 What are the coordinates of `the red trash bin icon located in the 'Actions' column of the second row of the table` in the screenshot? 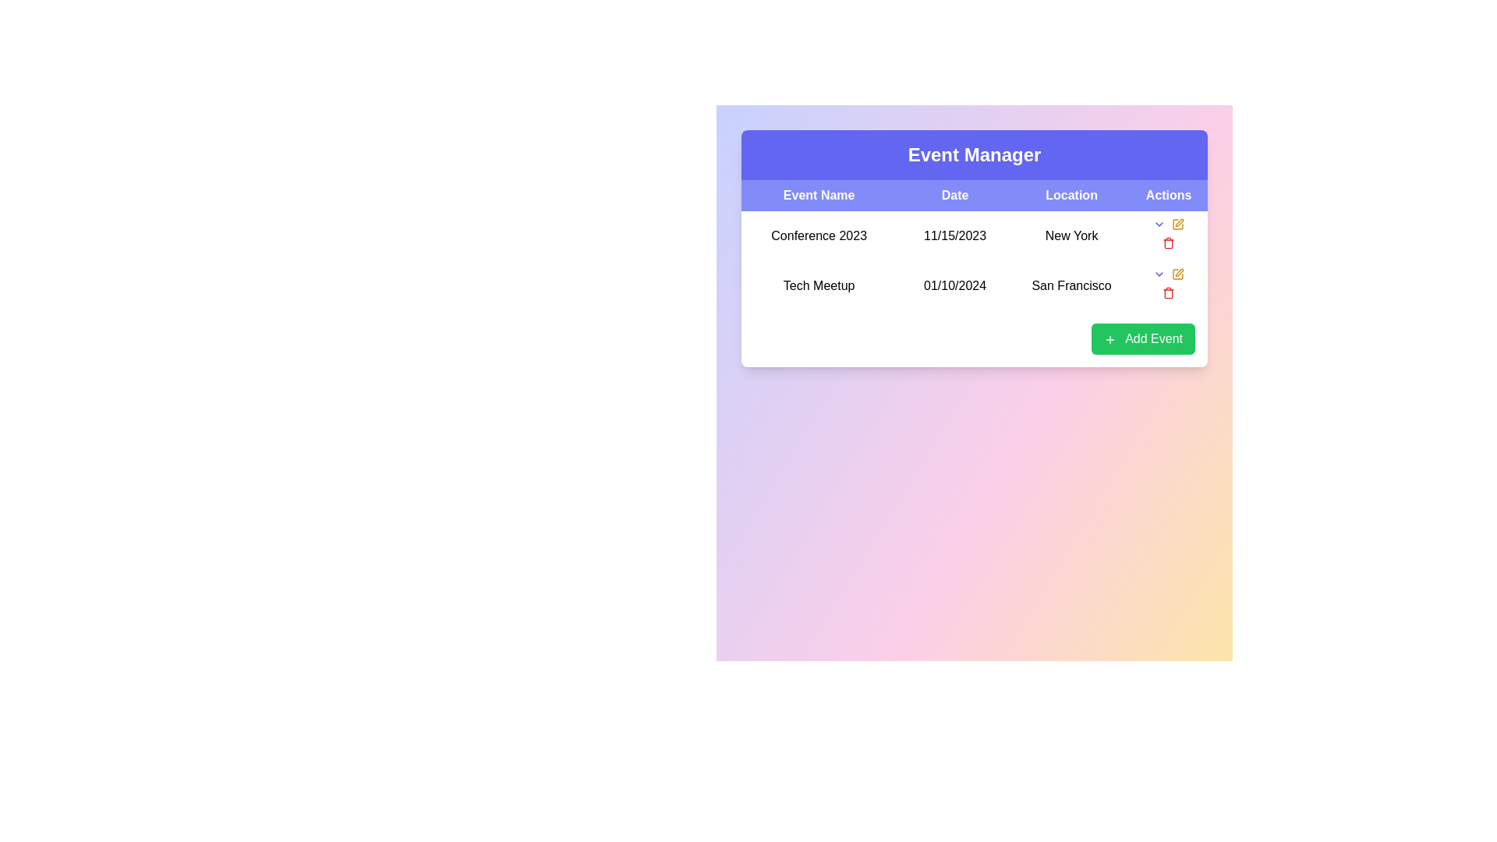 It's located at (1169, 243).